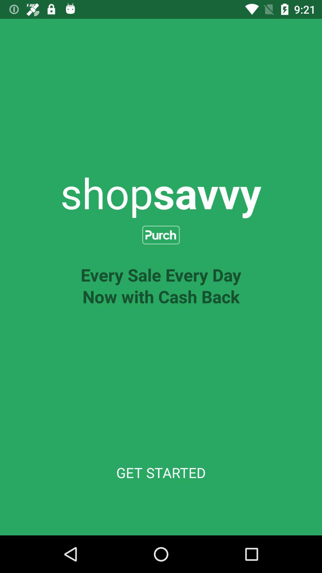 The height and width of the screenshot is (573, 322). I want to click on get started icon, so click(161, 472).